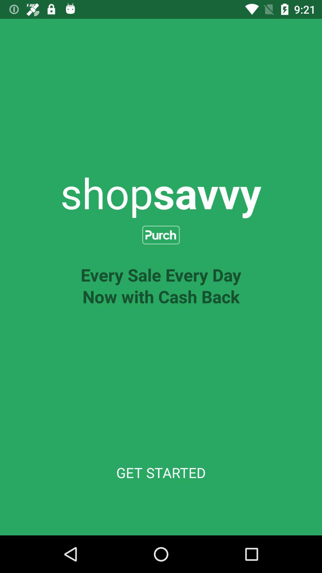 The height and width of the screenshot is (573, 322). I want to click on get started icon, so click(161, 472).